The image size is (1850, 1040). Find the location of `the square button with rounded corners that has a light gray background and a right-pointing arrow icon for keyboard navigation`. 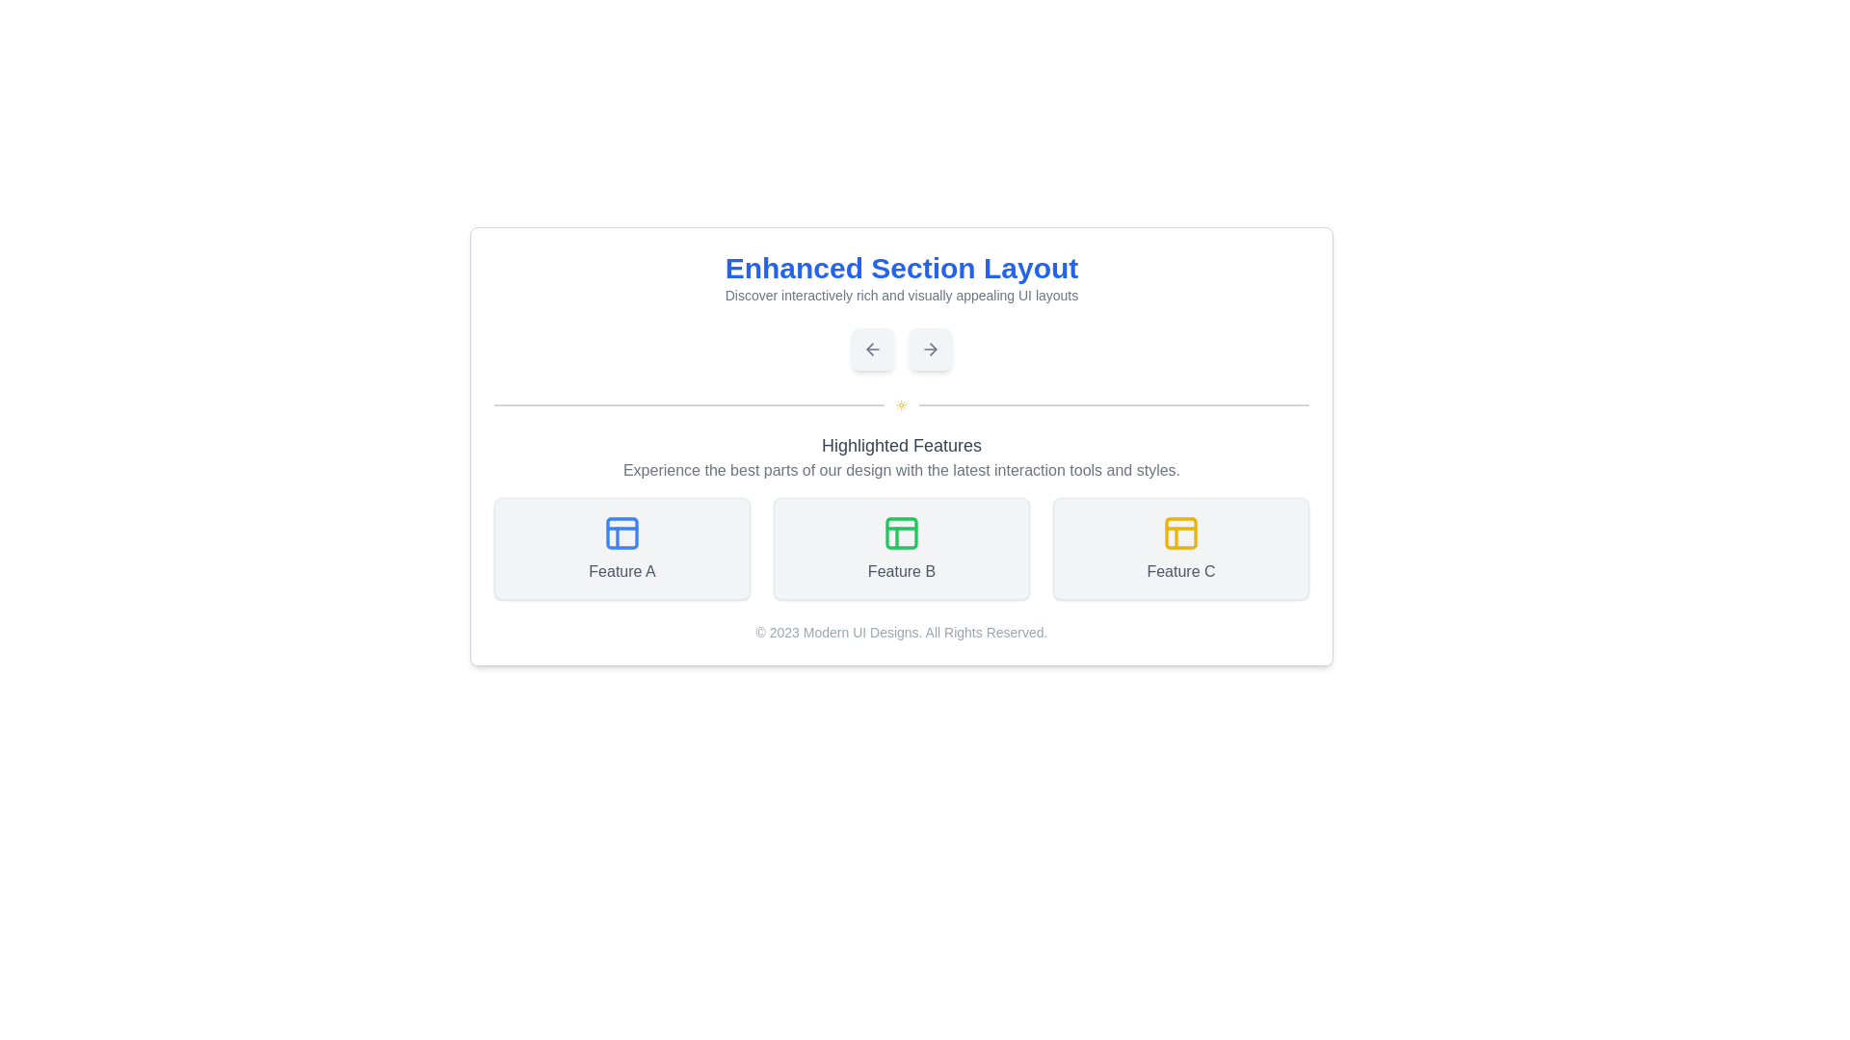

the square button with rounded corners that has a light gray background and a right-pointing arrow icon for keyboard navigation is located at coordinates (930, 349).